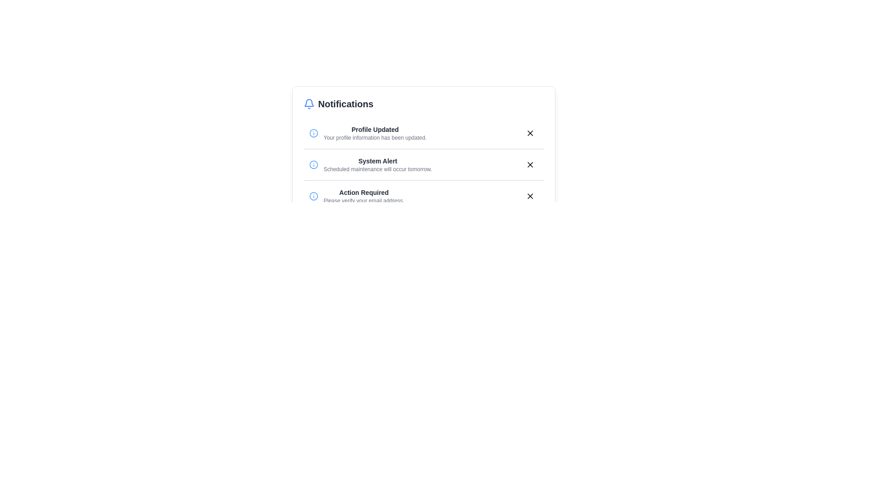  What do you see at coordinates (530, 133) in the screenshot?
I see `the close button located at the top-right corner of the 'Profile Updated' notification` at bounding box center [530, 133].